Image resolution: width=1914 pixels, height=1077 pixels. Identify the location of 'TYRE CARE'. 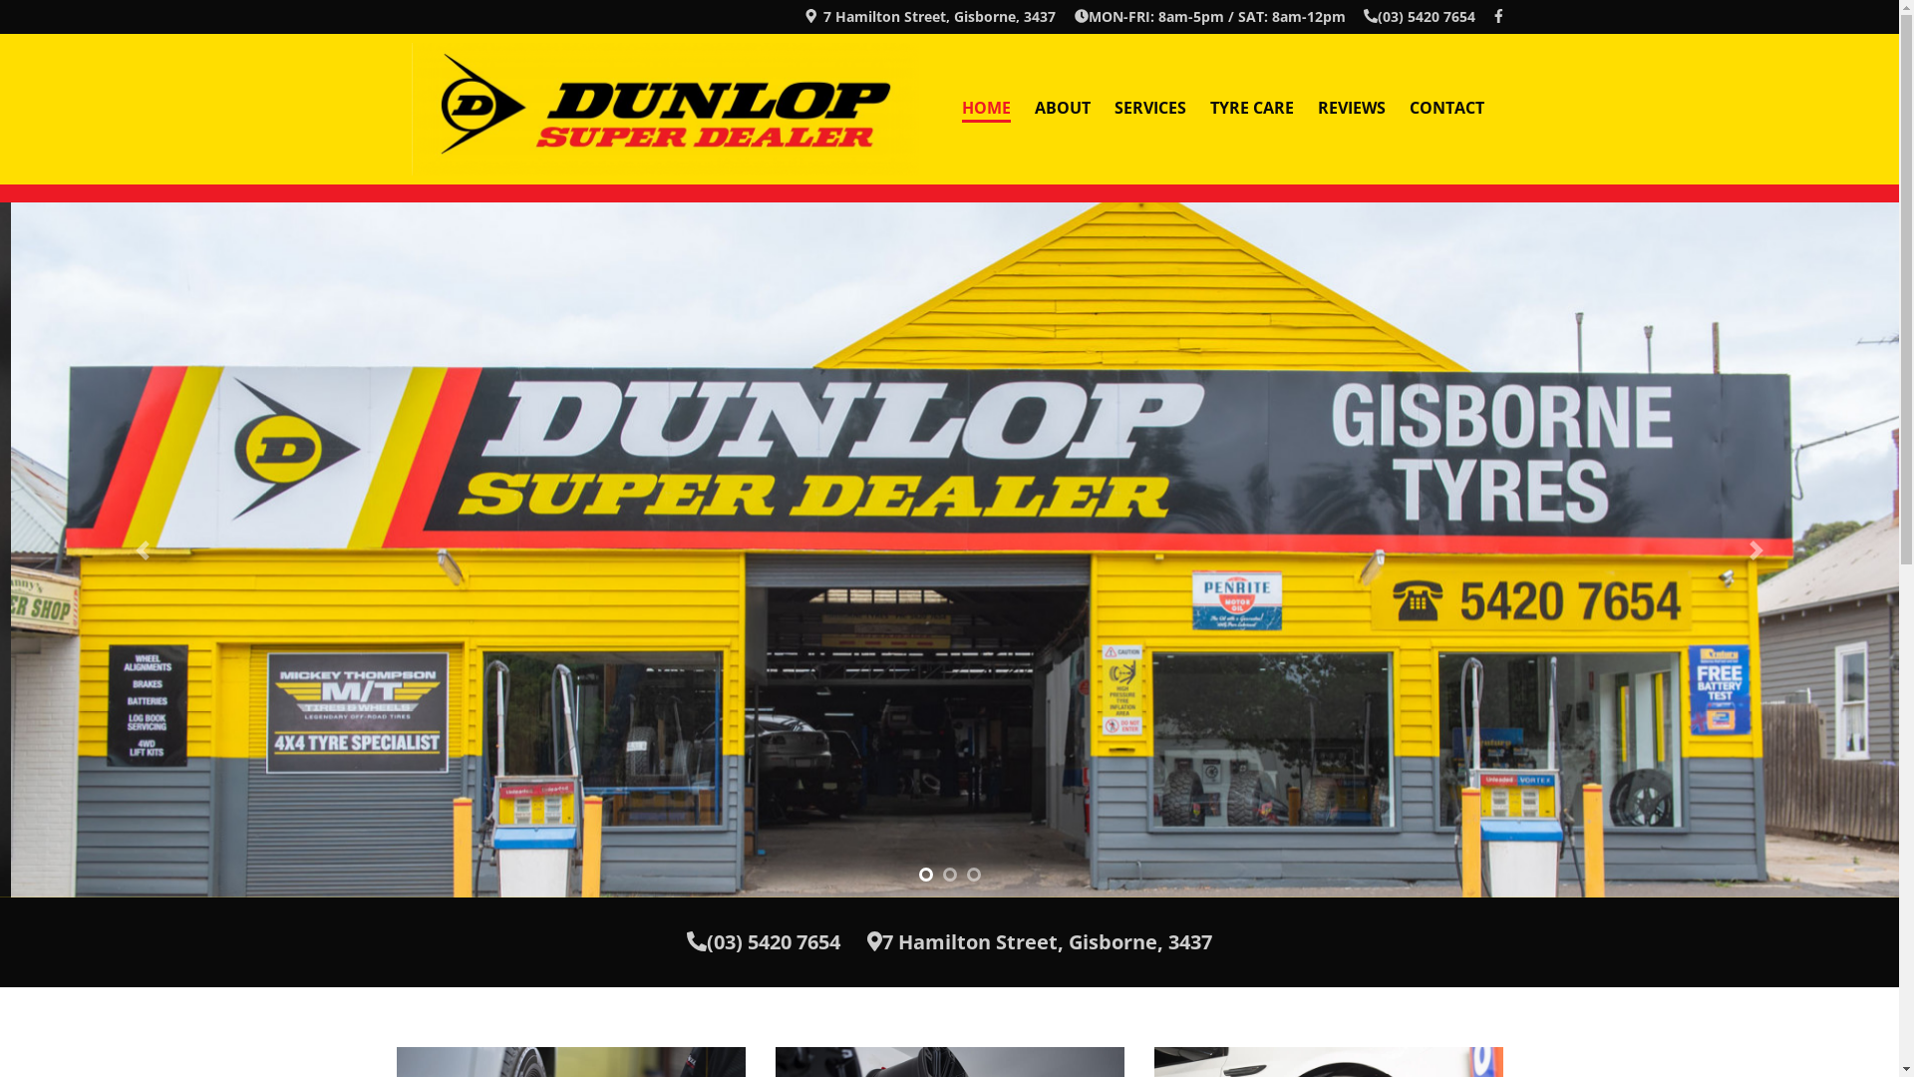
(1251, 109).